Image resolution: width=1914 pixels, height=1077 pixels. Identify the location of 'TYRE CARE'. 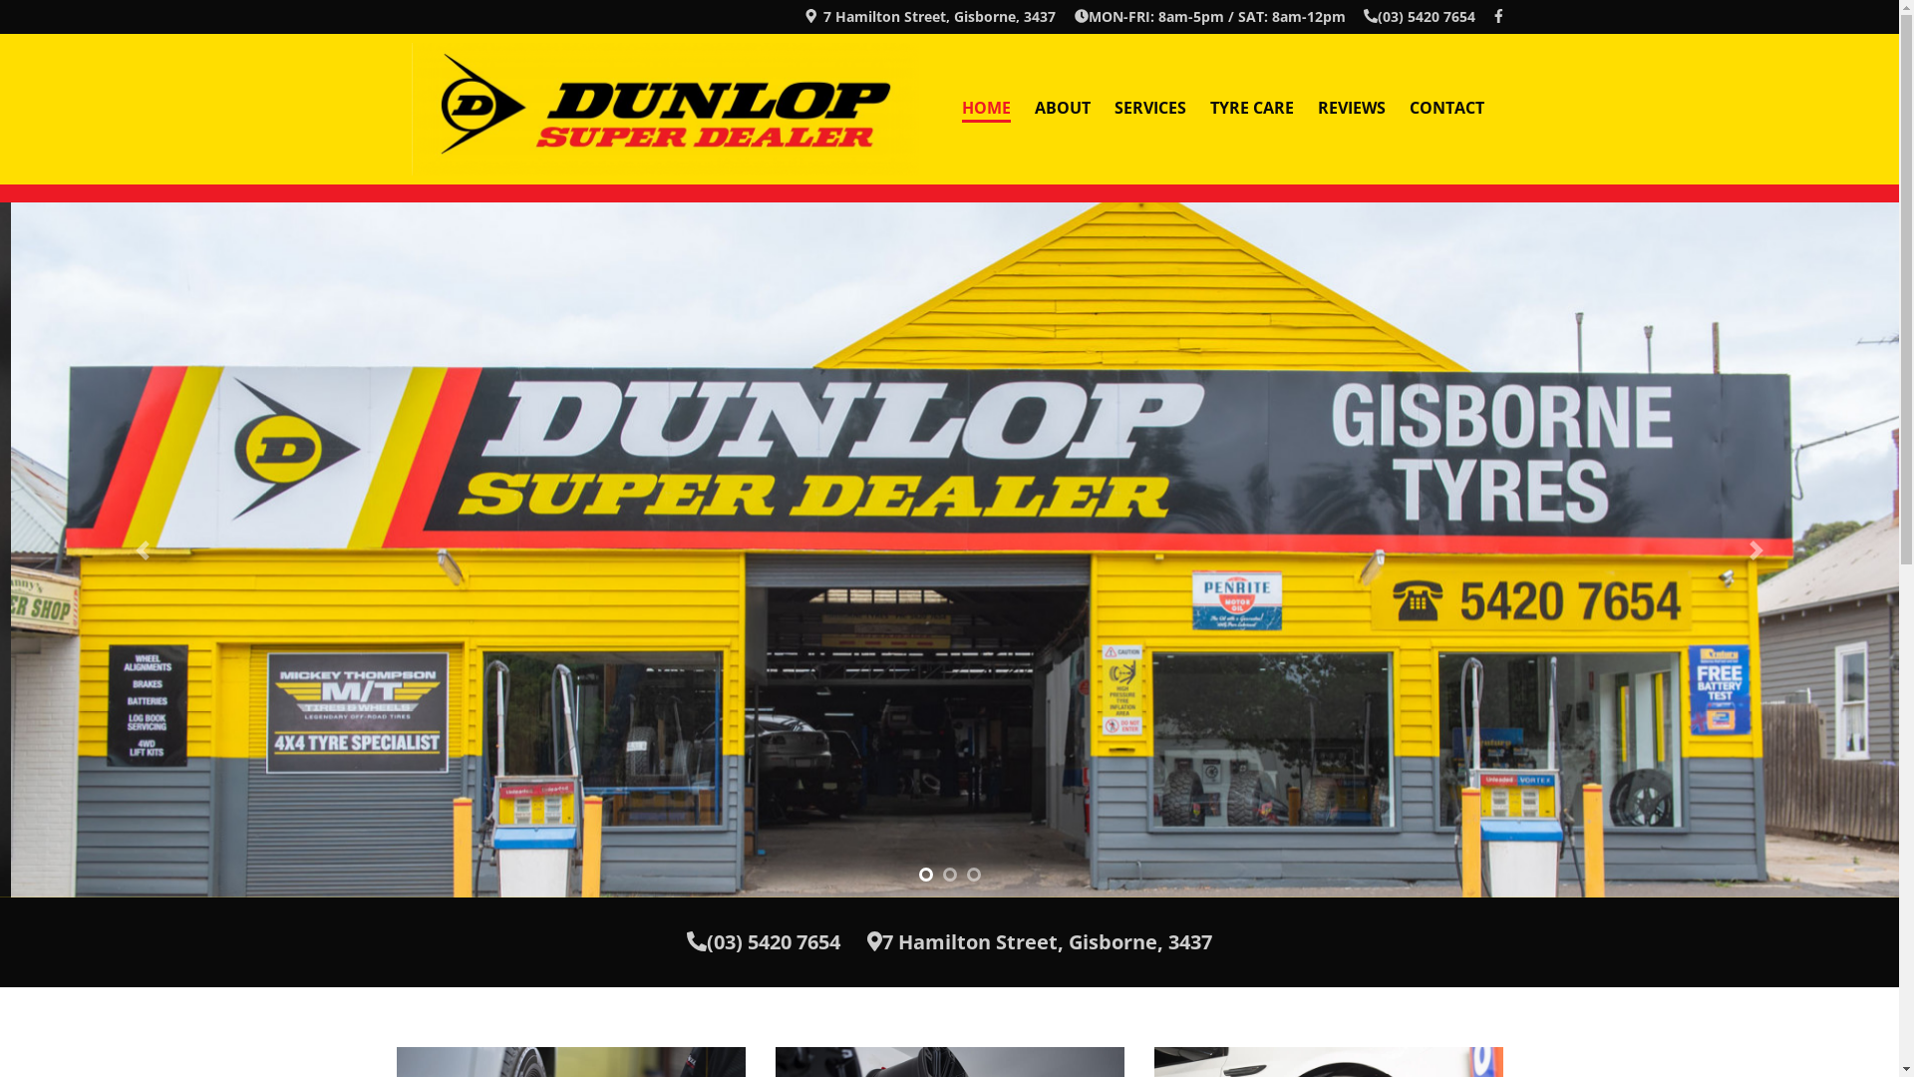
(1251, 109).